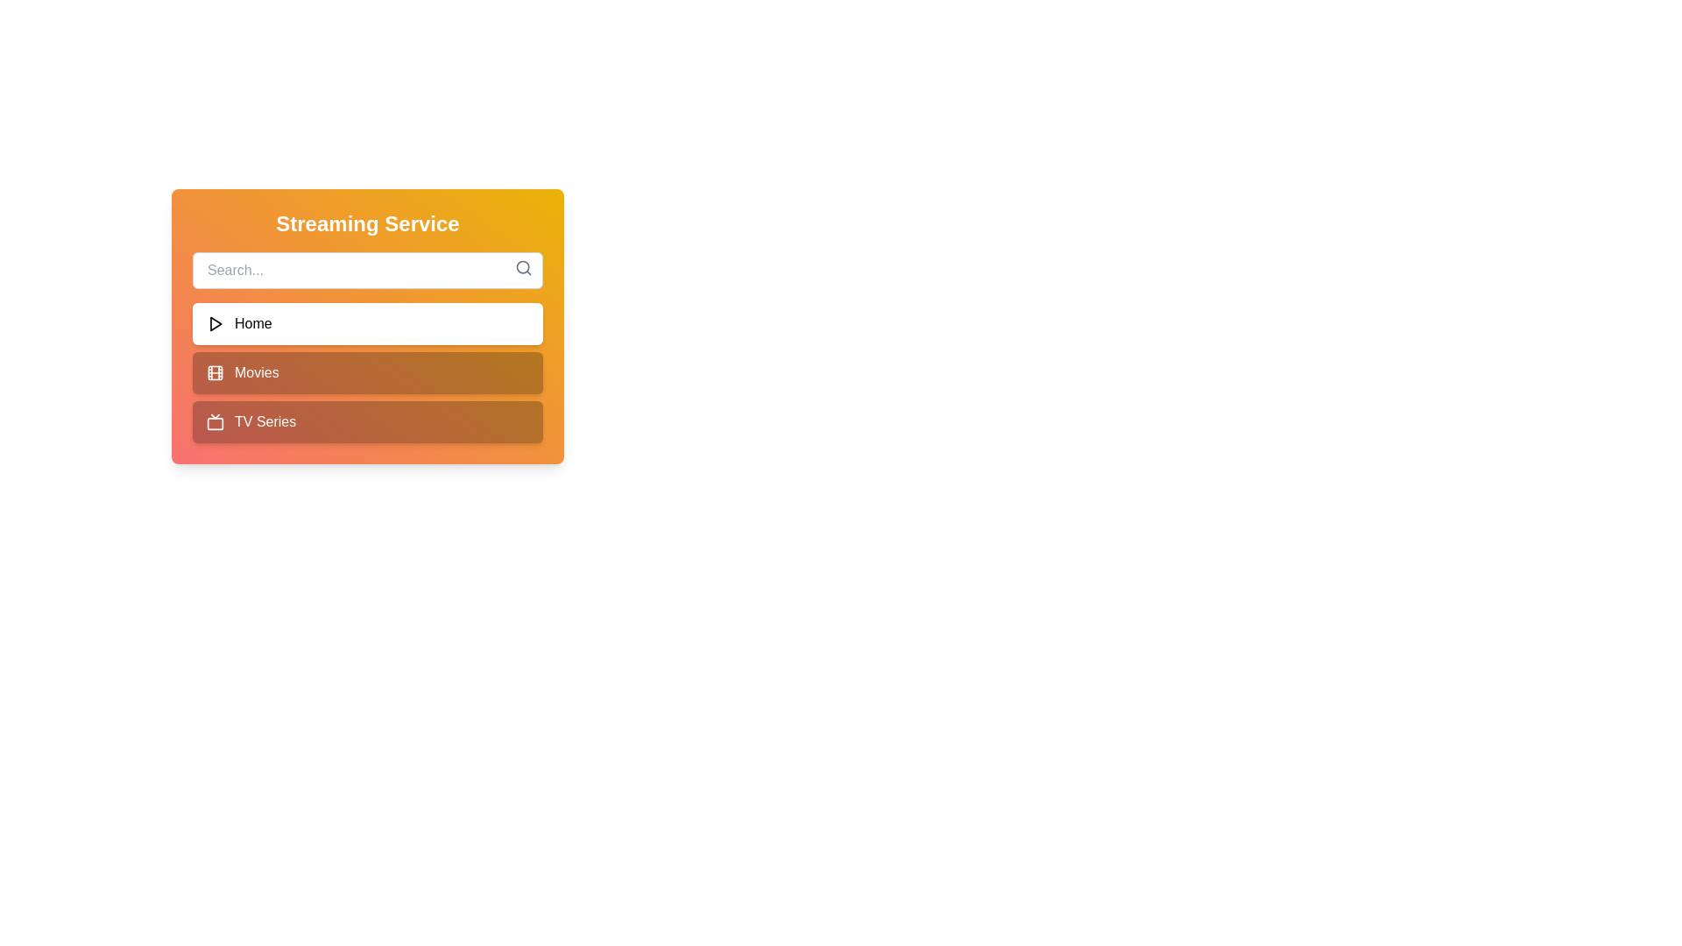 The height and width of the screenshot is (946, 1682). I want to click on the search icon resembling a magnifying glass located to the right of the search input field in the search bar section labeled 'Streaming Service', so click(523, 267).